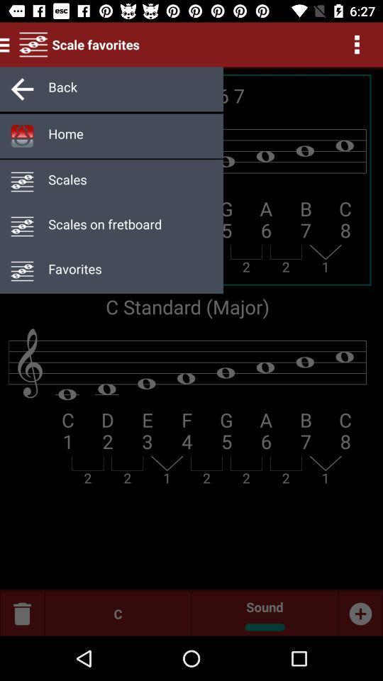 This screenshot has height=681, width=383. What do you see at coordinates (33, 44) in the screenshot?
I see `the sliders icon` at bounding box center [33, 44].